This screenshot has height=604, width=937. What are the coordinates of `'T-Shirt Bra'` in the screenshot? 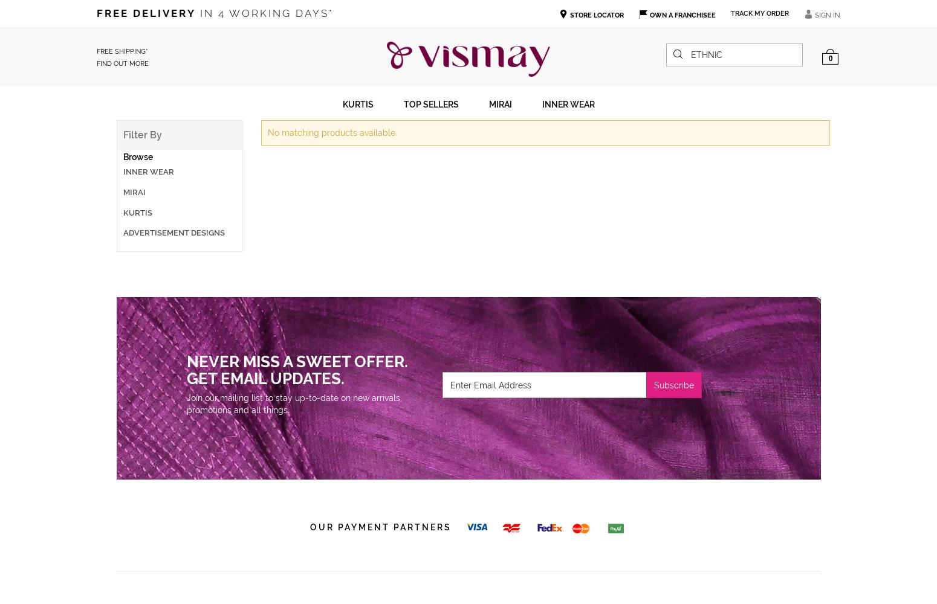 It's located at (126, 204).